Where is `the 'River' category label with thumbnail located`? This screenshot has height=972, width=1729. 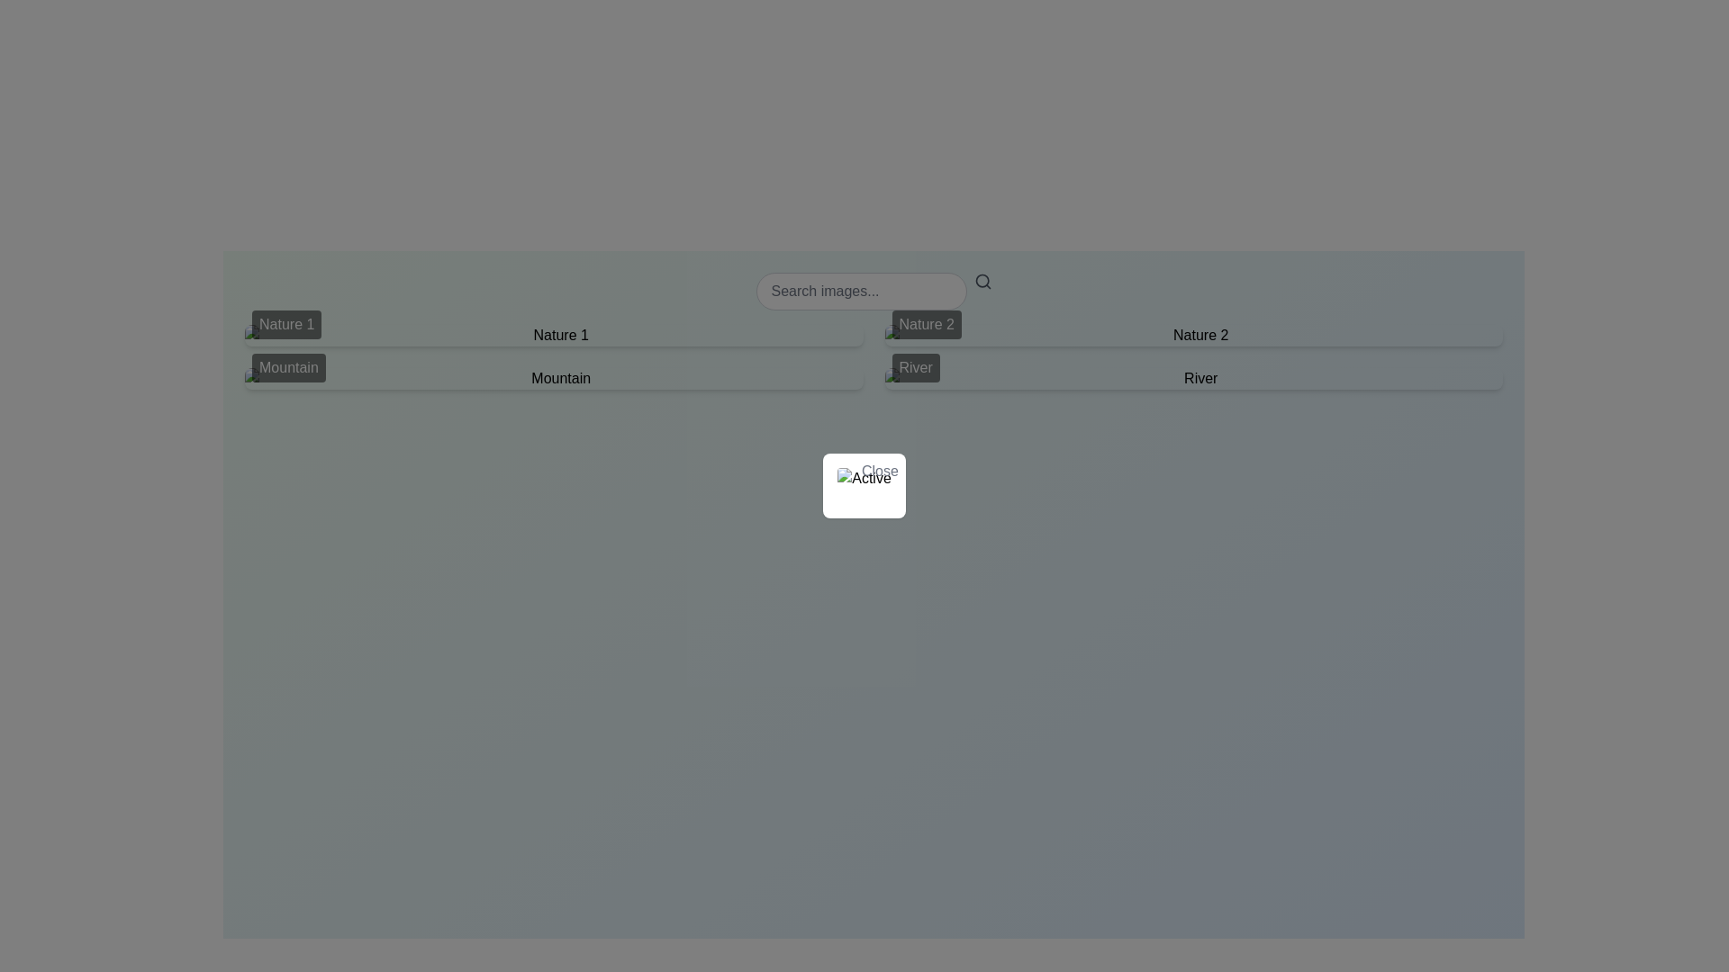
the 'River' category label with thumbnail located is located at coordinates (1193, 377).